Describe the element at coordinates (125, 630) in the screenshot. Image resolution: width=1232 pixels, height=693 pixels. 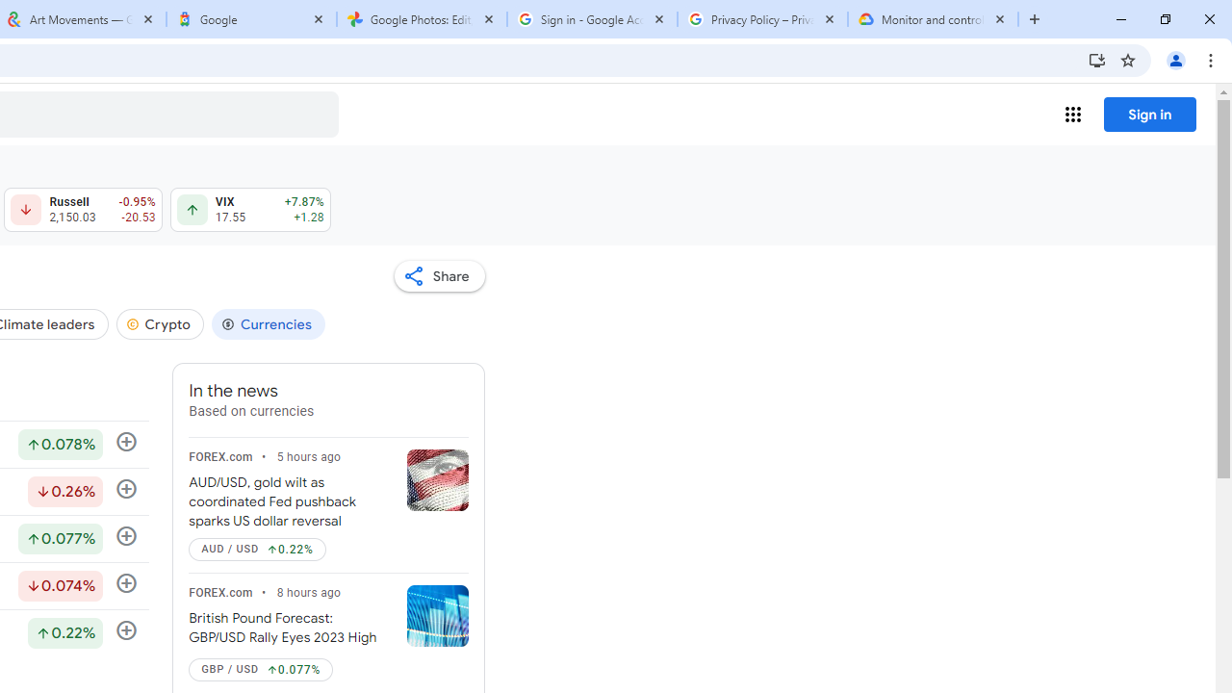
I see `'Follow'` at that location.